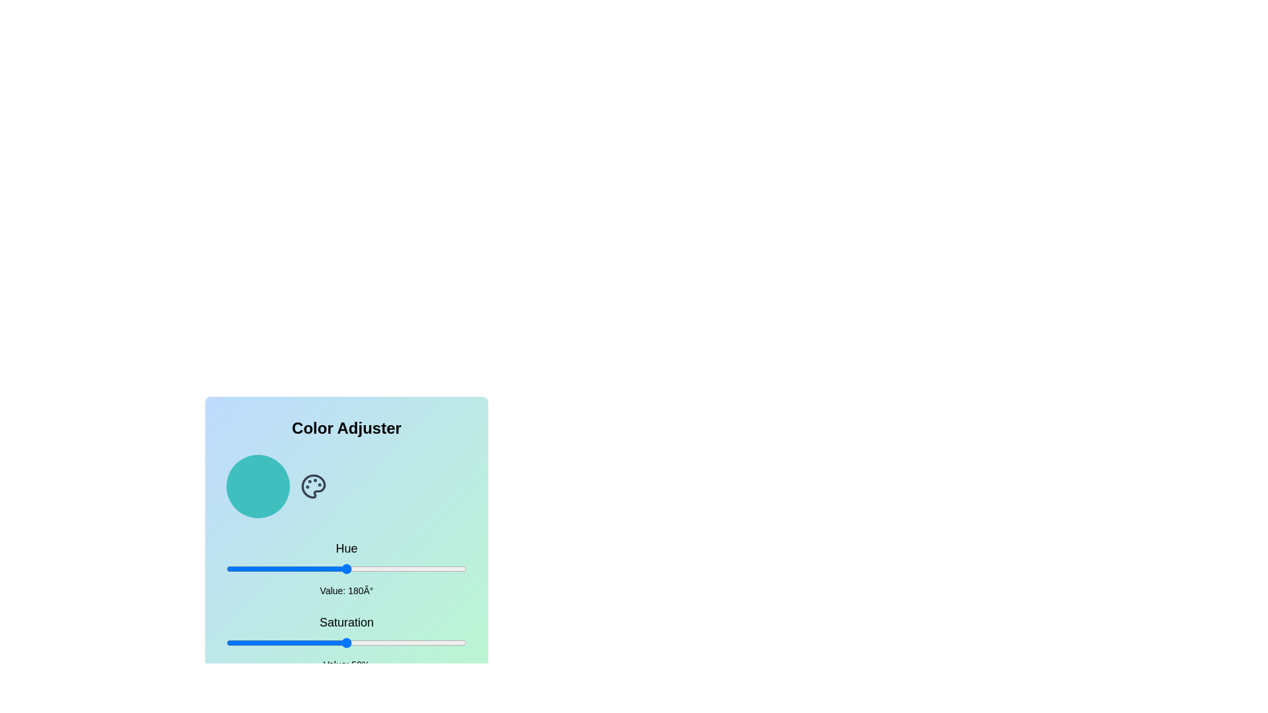  Describe the element at coordinates (272, 568) in the screenshot. I see `the hue to 70 by adjusting the slider` at that location.